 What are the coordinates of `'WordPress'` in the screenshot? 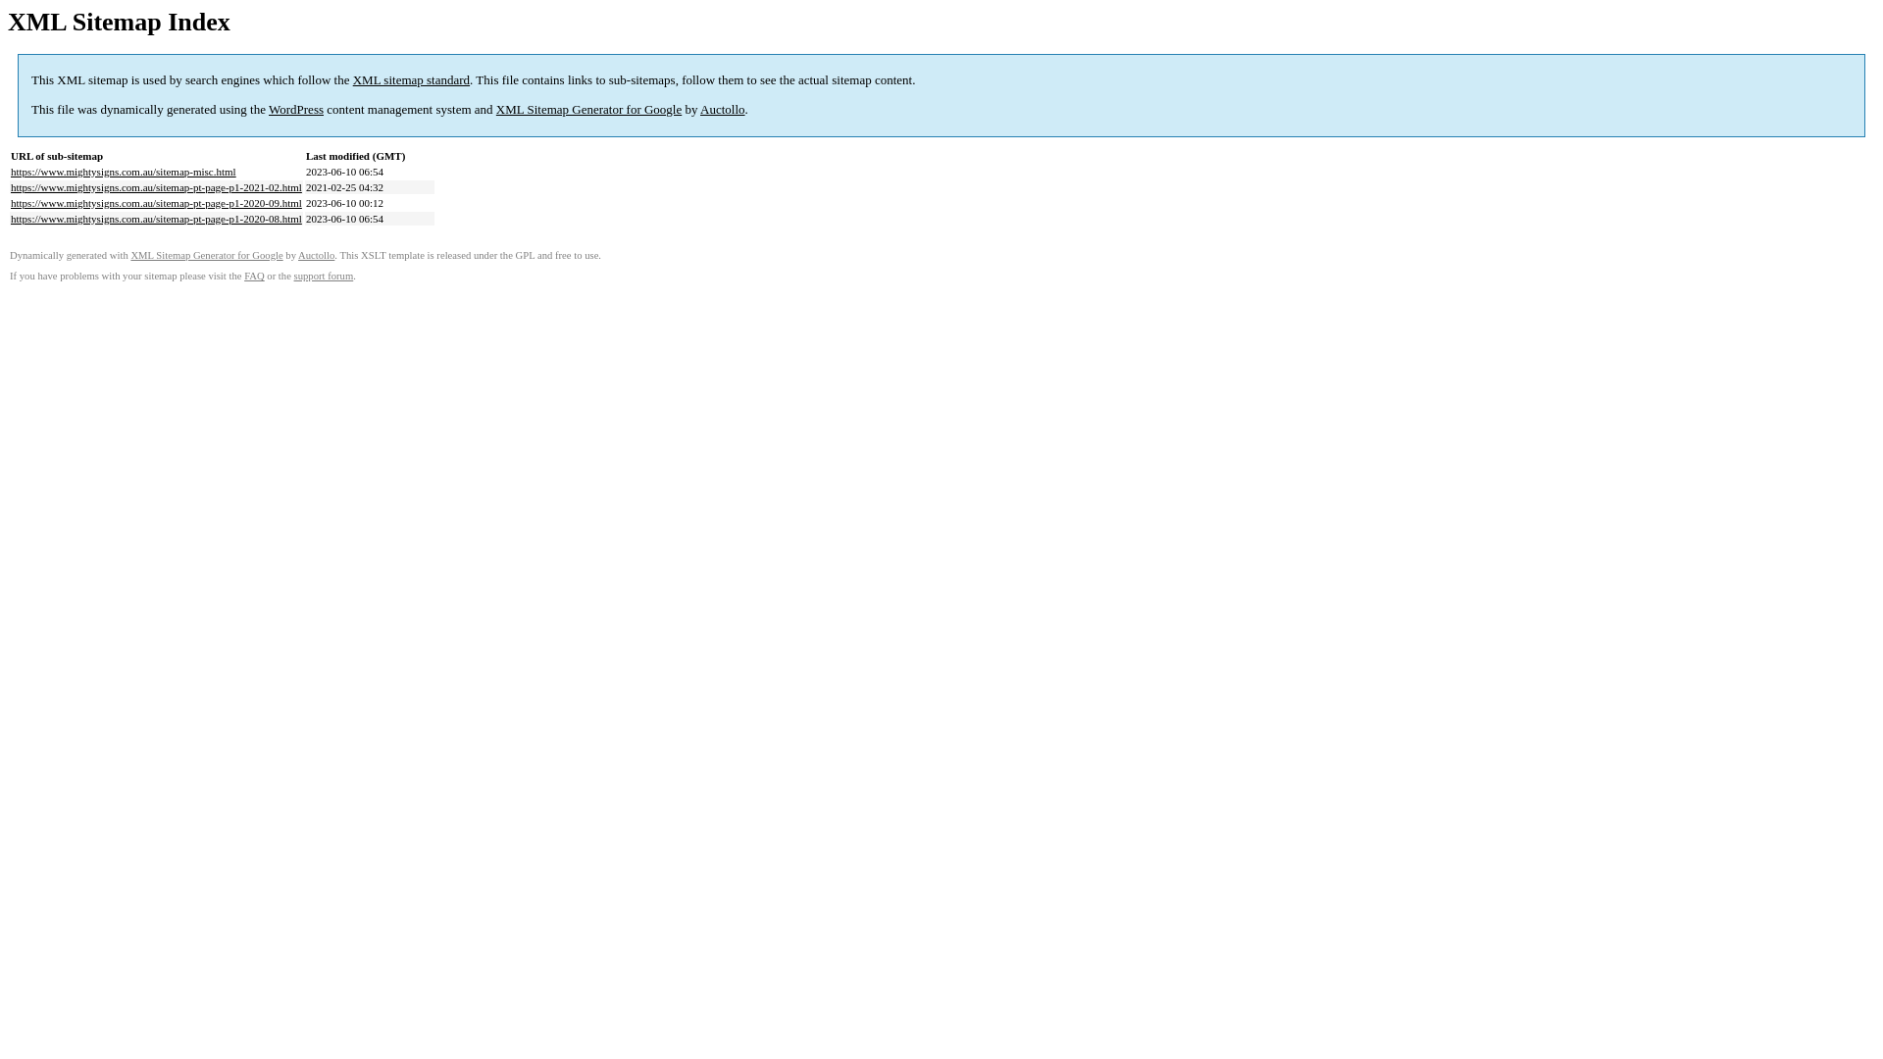 It's located at (267, 109).